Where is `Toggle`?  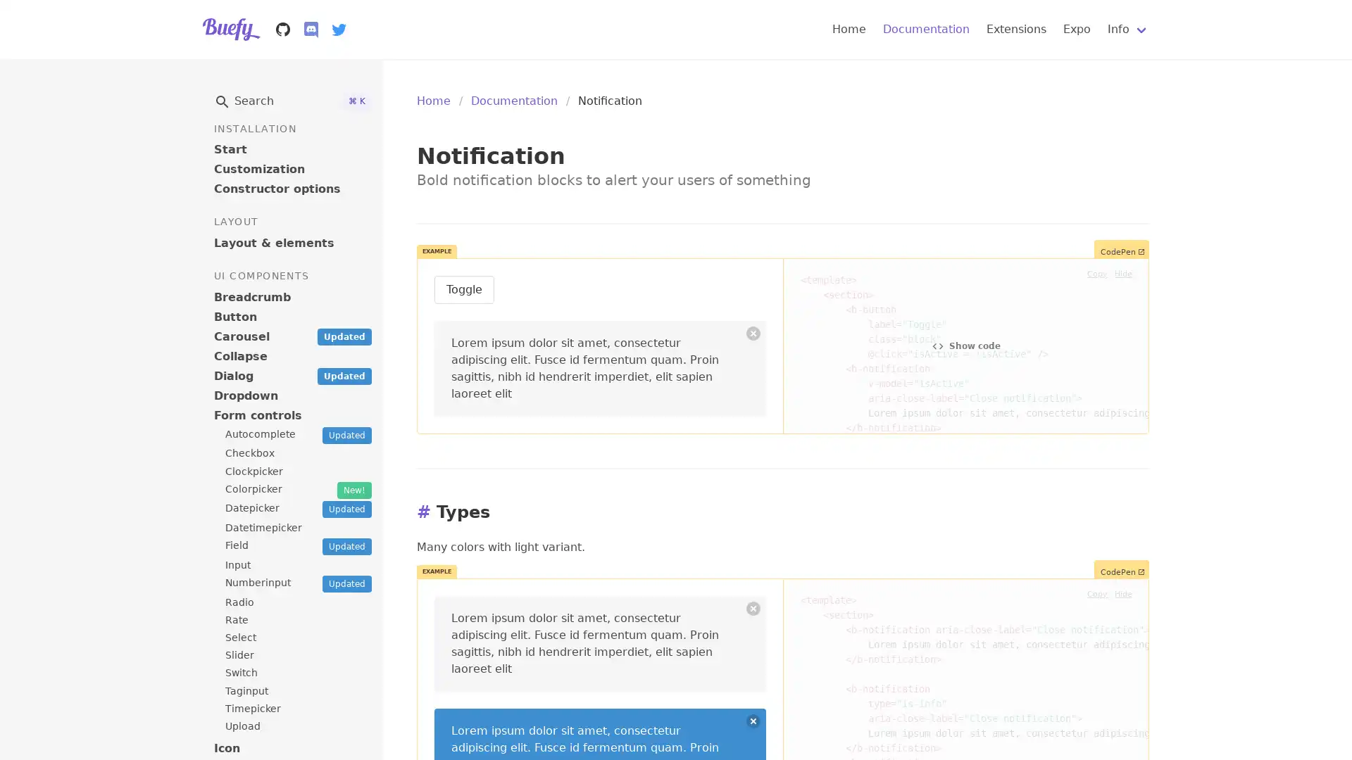
Toggle is located at coordinates (464, 289).